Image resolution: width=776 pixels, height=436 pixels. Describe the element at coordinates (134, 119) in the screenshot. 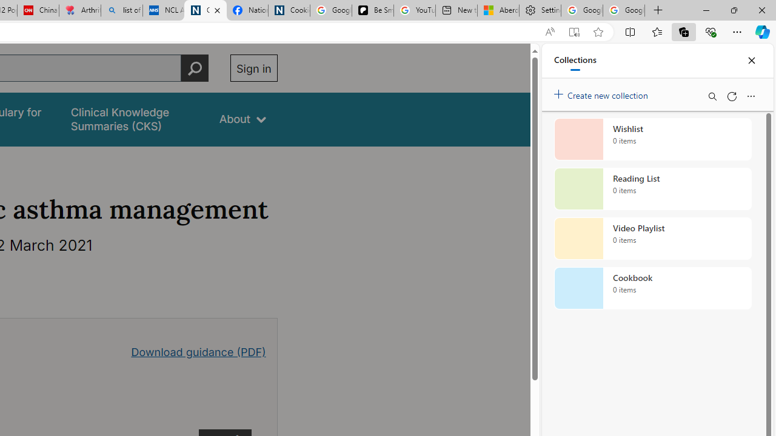

I see `'false'` at that location.